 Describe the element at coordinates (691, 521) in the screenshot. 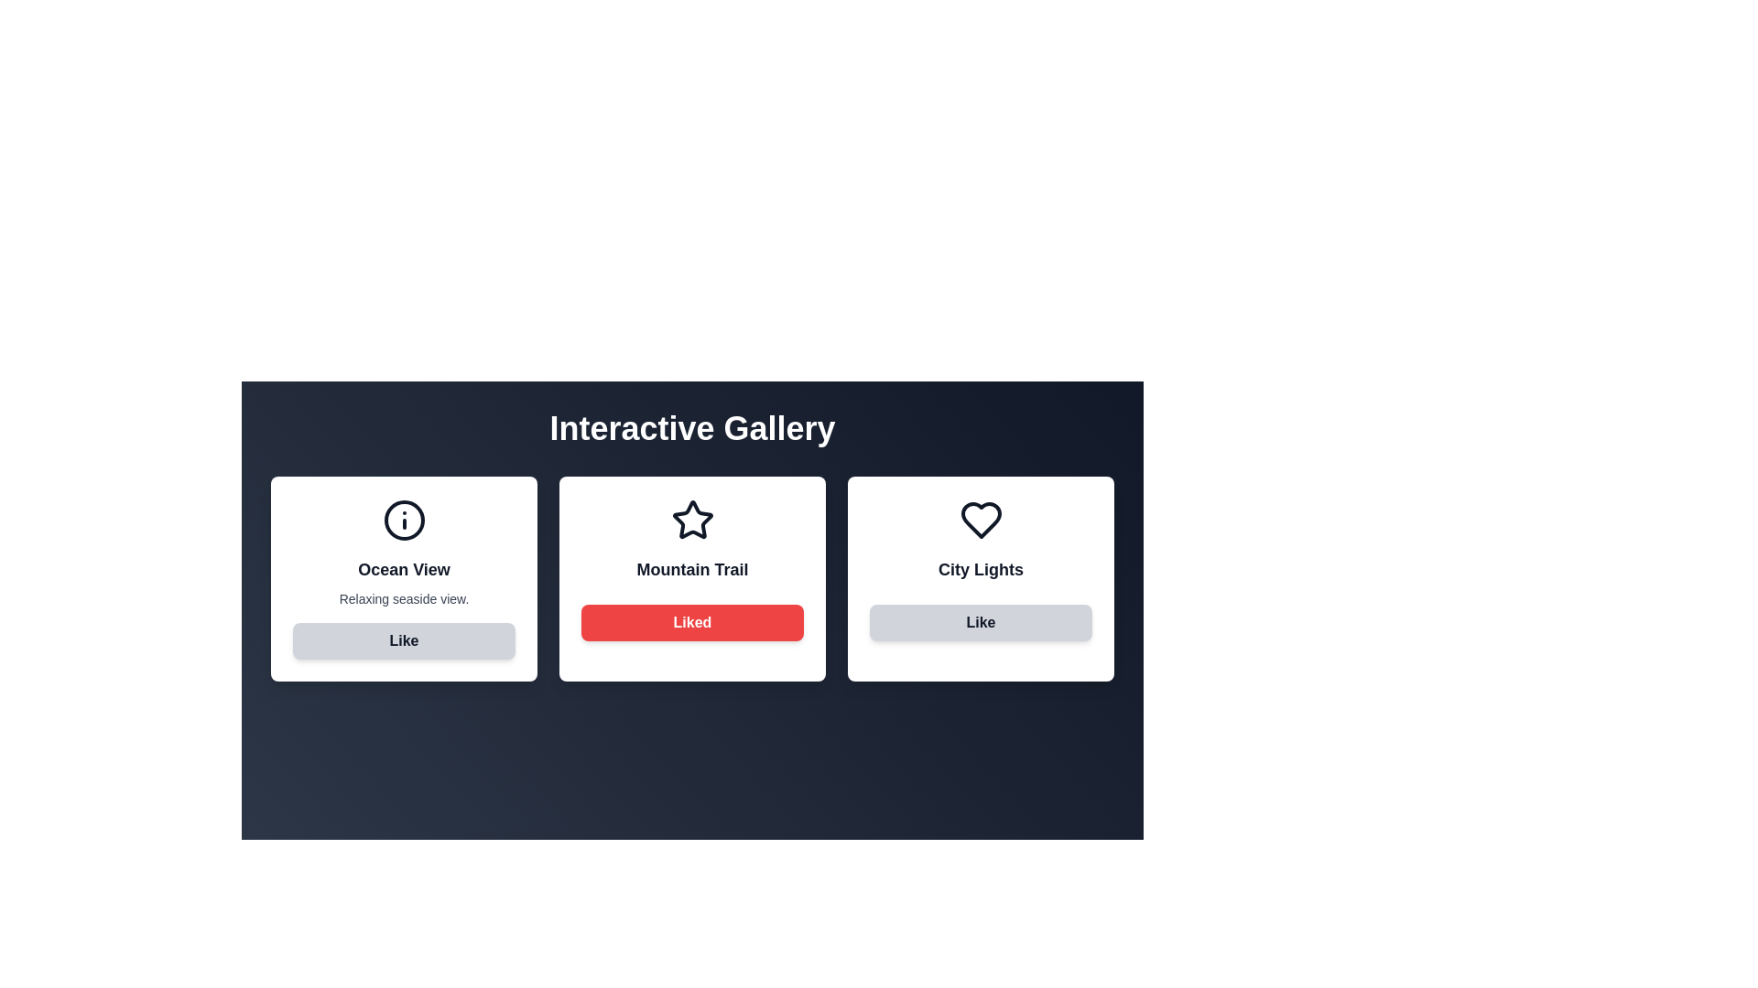

I see `the star icon located in the central card of the three-card layout, positioned above the 'Mountain Trail' label and the 'Liked' button` at that location.